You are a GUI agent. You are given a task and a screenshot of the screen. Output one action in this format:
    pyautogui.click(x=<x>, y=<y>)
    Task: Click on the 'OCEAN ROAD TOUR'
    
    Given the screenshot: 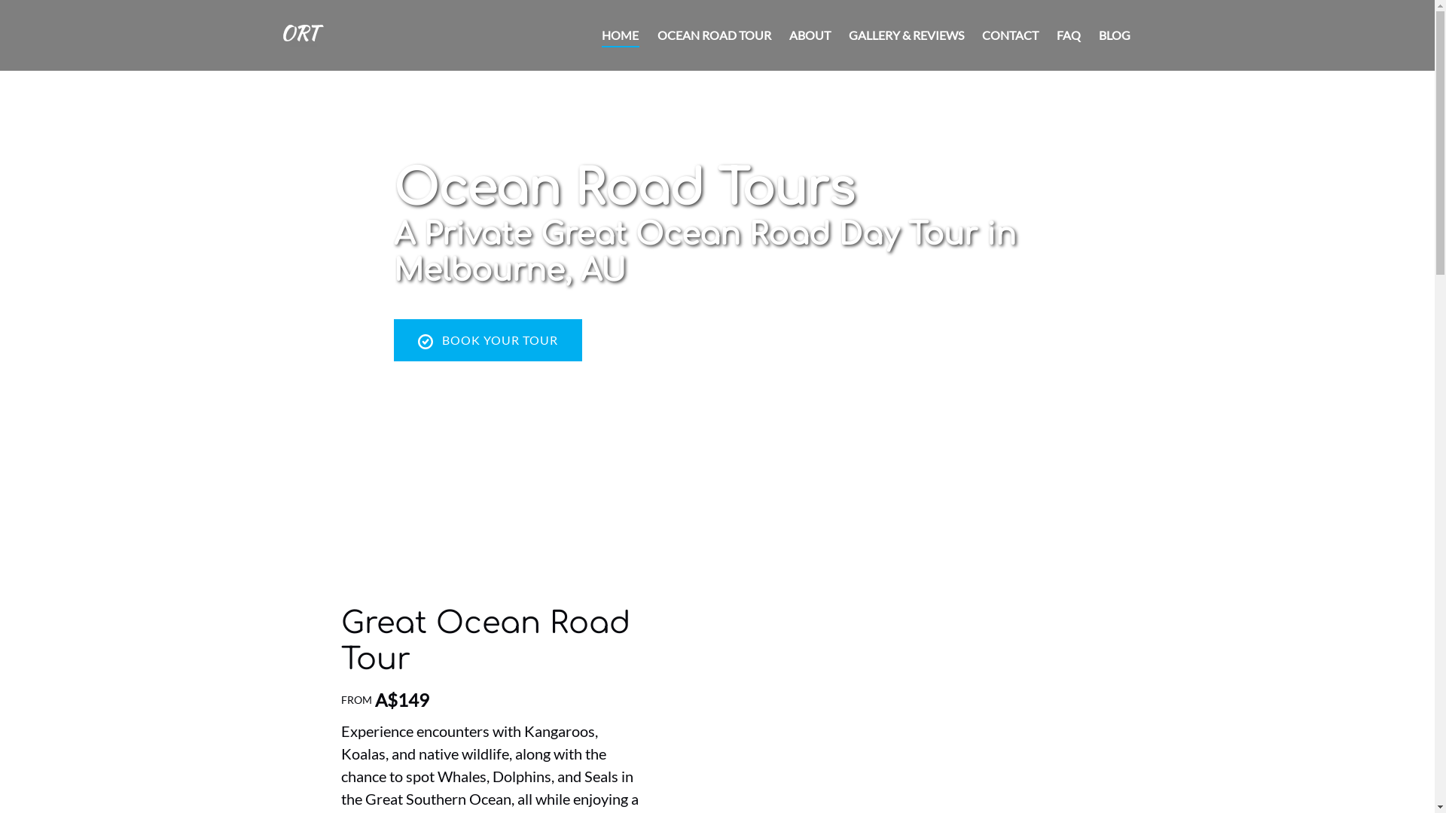 What is the action you would take?
    pyautogui.click(x=647, y=34)
    